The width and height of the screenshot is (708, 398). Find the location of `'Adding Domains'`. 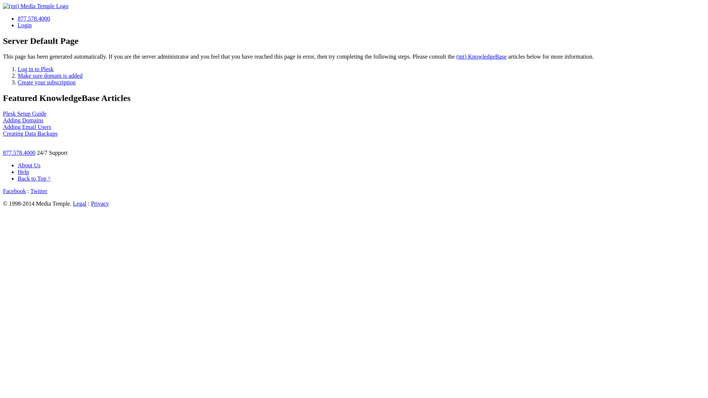

'Adding Domains' is located at coordinates (3, 120).